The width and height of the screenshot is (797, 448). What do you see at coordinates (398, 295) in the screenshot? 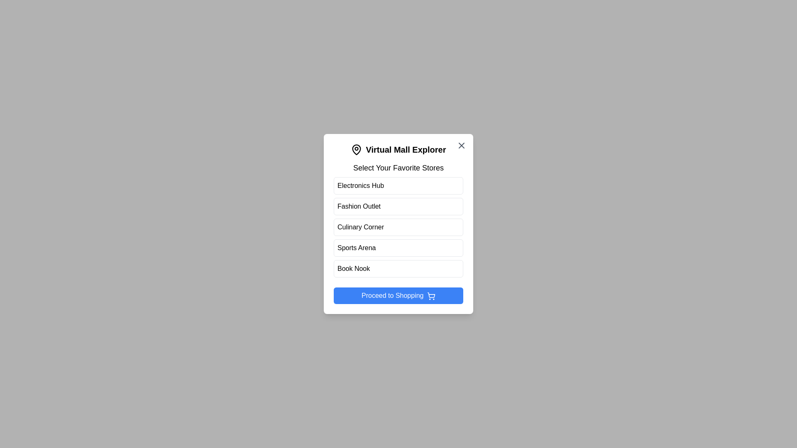
I see `the button labeled 'Proceed to Shopping' with a shopping cart icon` at bounding box center [398, 295].